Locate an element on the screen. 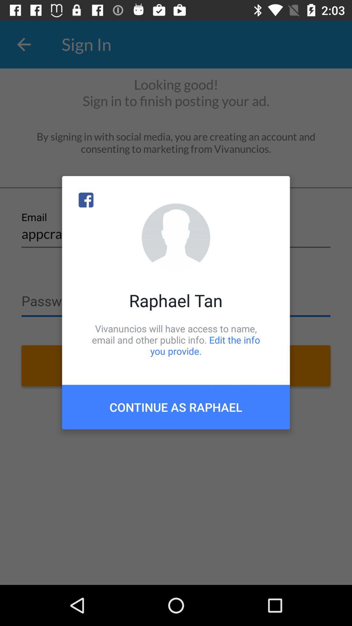  vivanuncios will have is located at coordinates (176, 339).